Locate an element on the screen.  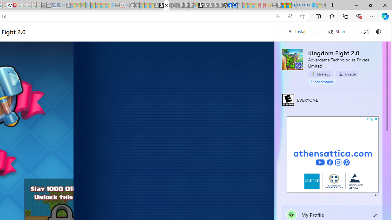
'Home | Sky Blue Bikes - Sky Blue Bikes - Sleeping' is located at coordinates (112, 5).